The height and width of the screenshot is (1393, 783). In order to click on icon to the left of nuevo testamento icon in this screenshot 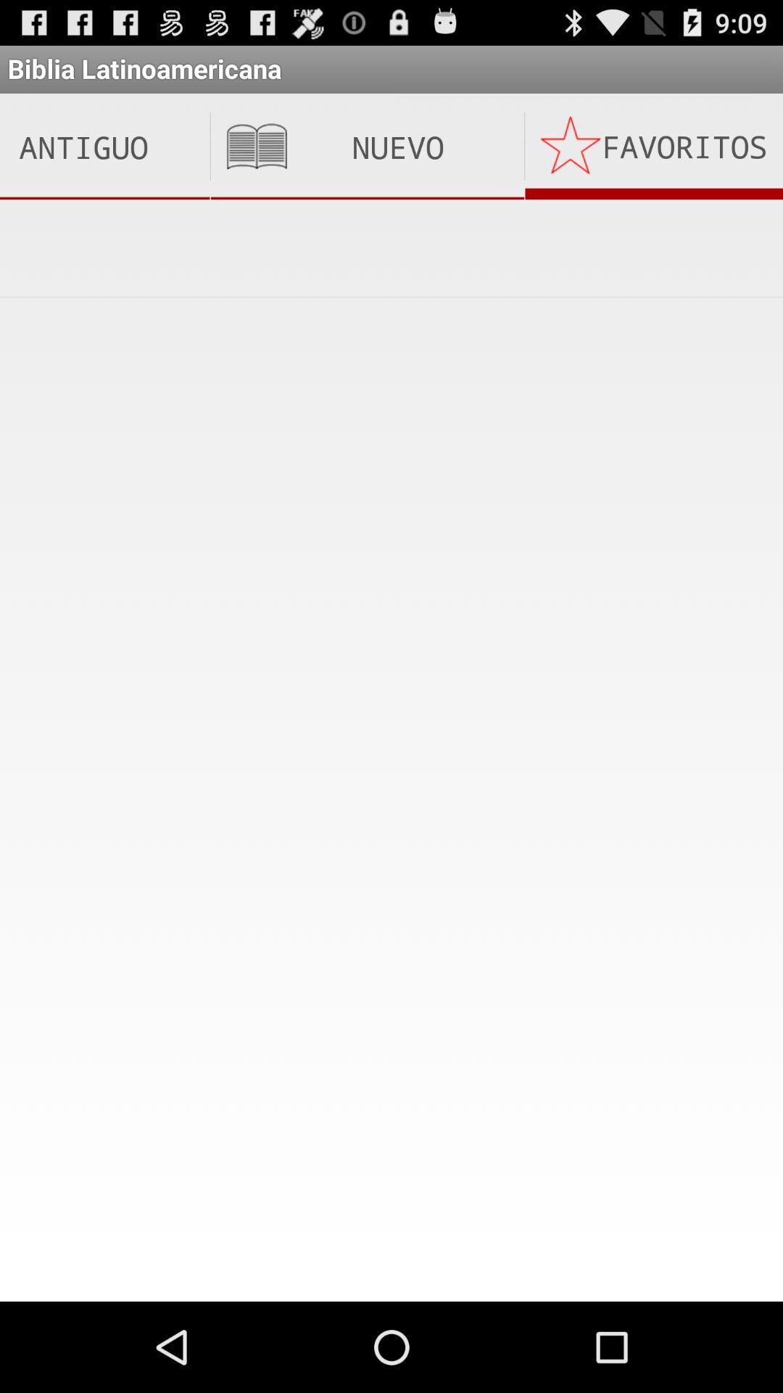, I will do `click(104, 147)`.